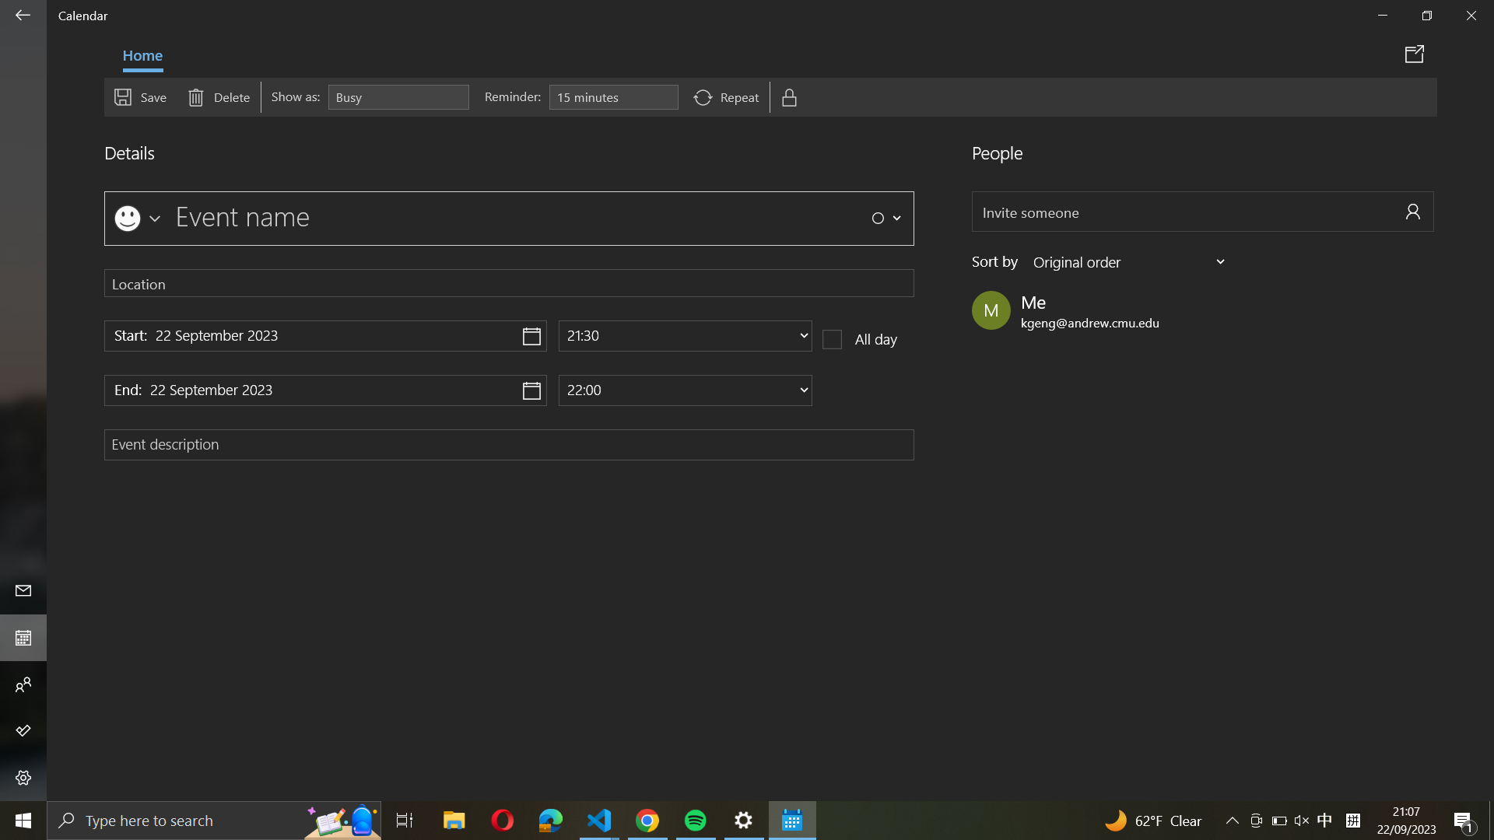  I want to click on Share the event details with "abc@example.com", so click(1202, 212).